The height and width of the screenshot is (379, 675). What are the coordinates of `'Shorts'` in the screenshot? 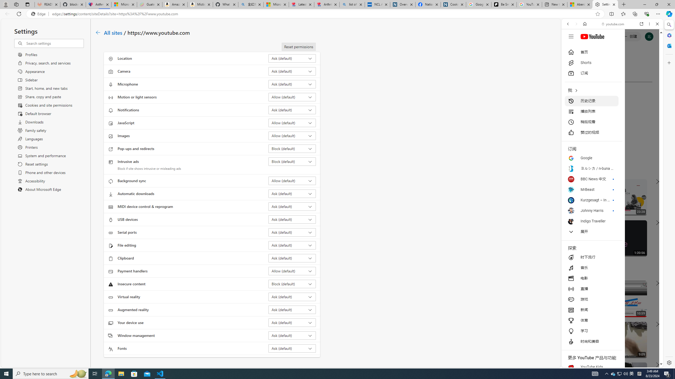 It's located at (591, 63).